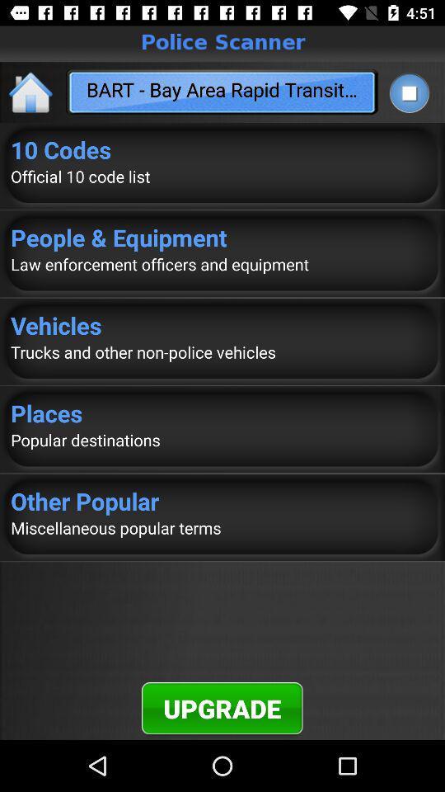 This screenshot has width=445, height=792. What do you see at coordinates (31, 92) in the screenshot?
I see `return to home screen` at bounding box center [31, 92].